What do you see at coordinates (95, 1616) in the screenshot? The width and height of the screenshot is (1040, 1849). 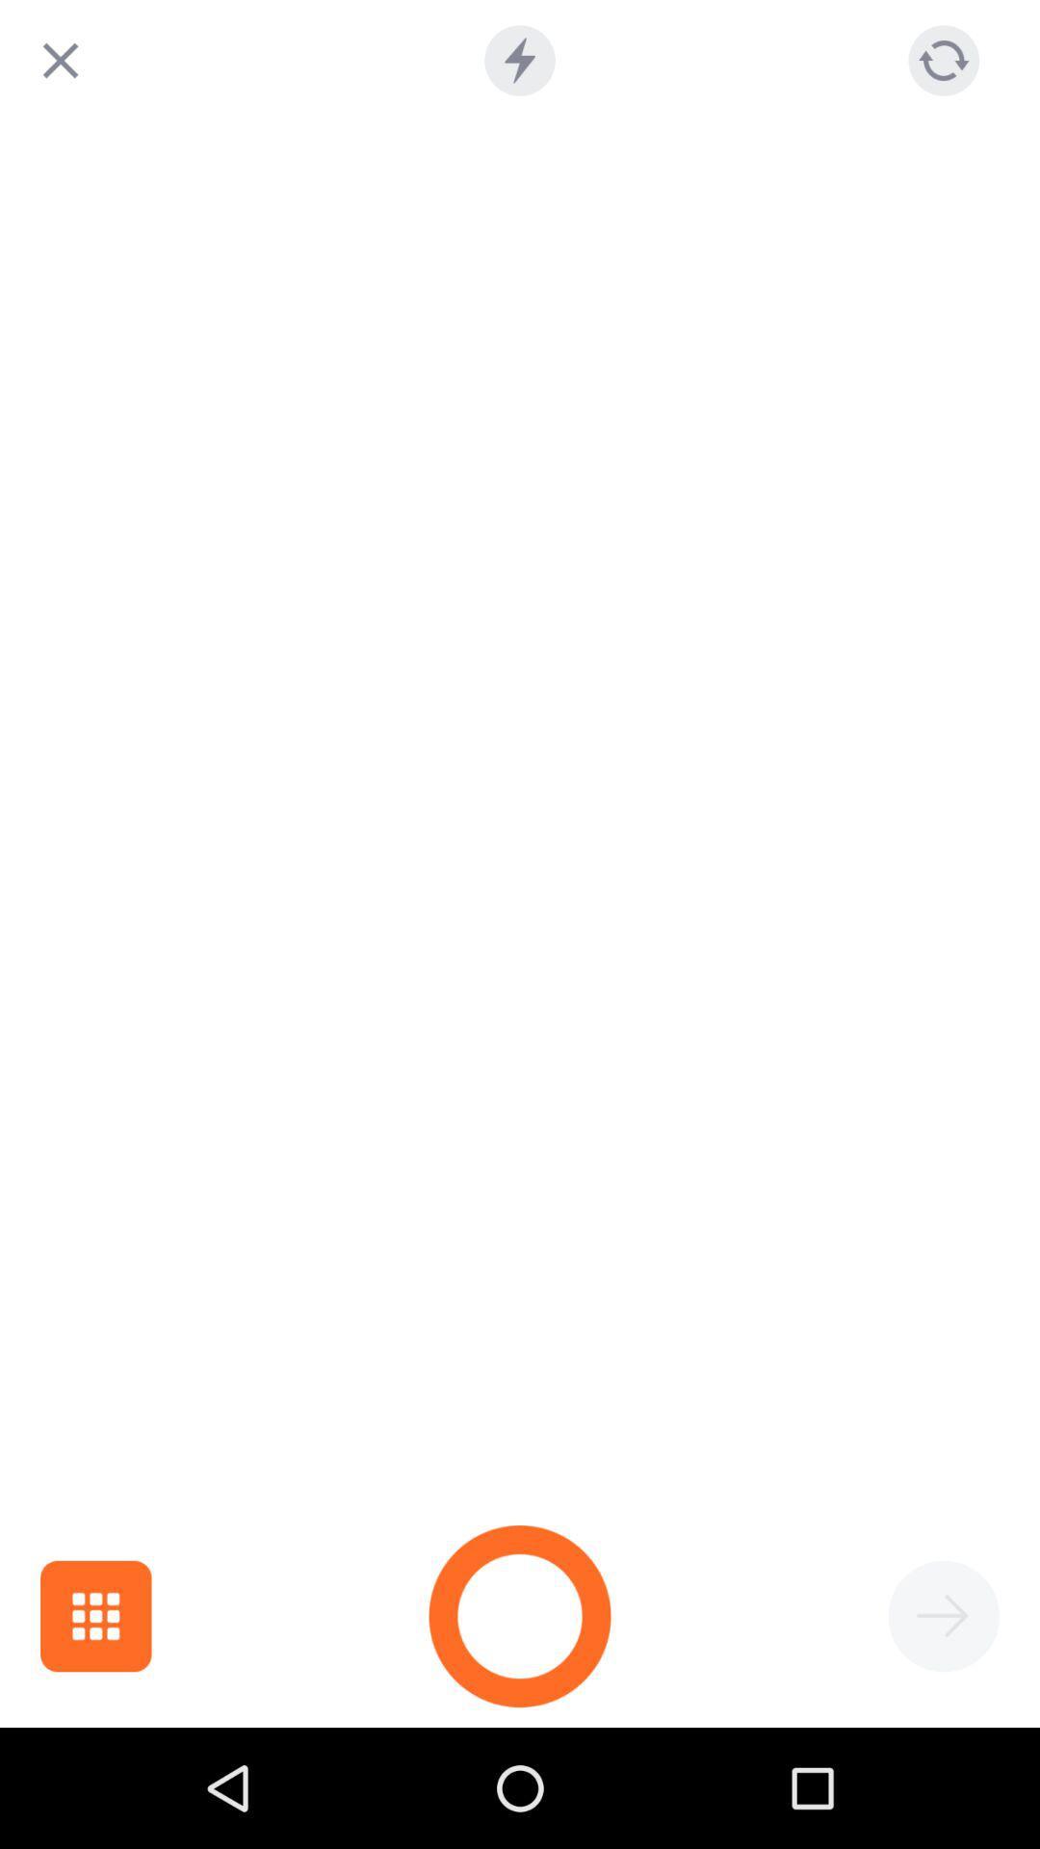 I see `open options` at bounding box center [95, 1616].